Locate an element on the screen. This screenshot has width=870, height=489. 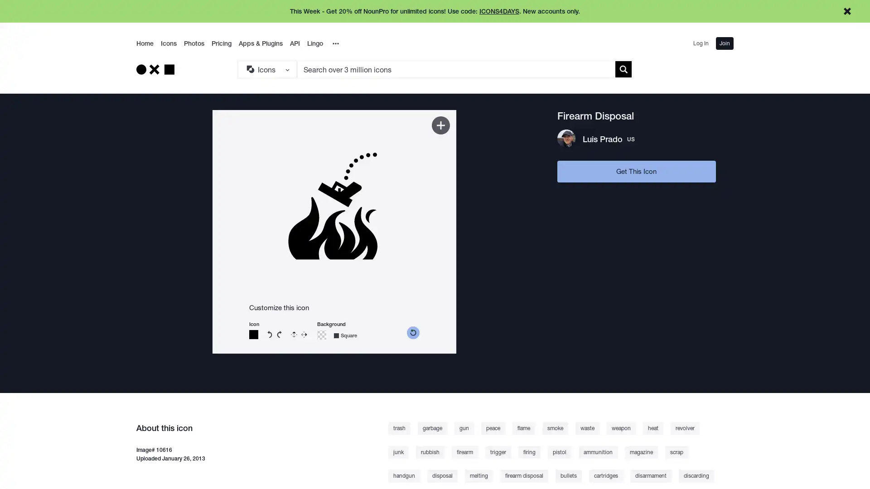
Overflow Menu is located at coordinates (335, 43).